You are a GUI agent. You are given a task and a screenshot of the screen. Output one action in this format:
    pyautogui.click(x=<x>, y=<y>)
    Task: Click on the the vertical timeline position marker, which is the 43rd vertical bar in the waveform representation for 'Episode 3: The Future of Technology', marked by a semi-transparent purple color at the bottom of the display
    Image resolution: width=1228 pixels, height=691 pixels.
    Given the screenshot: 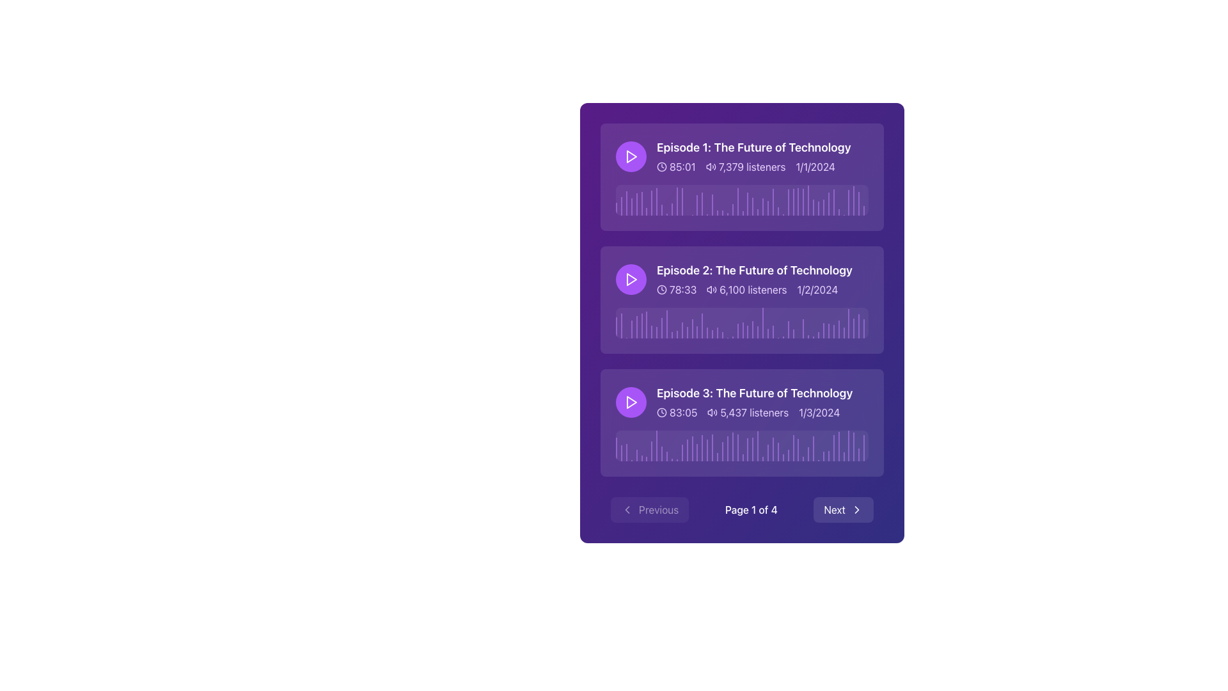 What is the action you would take?
    pyautogui.click(x=828, y=456)
    